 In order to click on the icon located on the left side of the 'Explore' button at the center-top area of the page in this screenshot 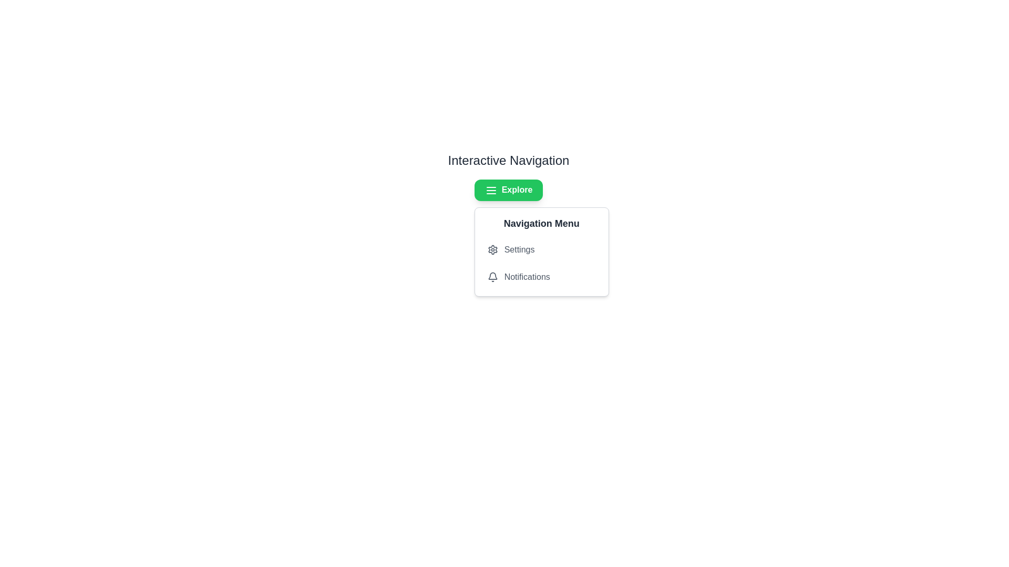, I will do `click(490, 190)`.